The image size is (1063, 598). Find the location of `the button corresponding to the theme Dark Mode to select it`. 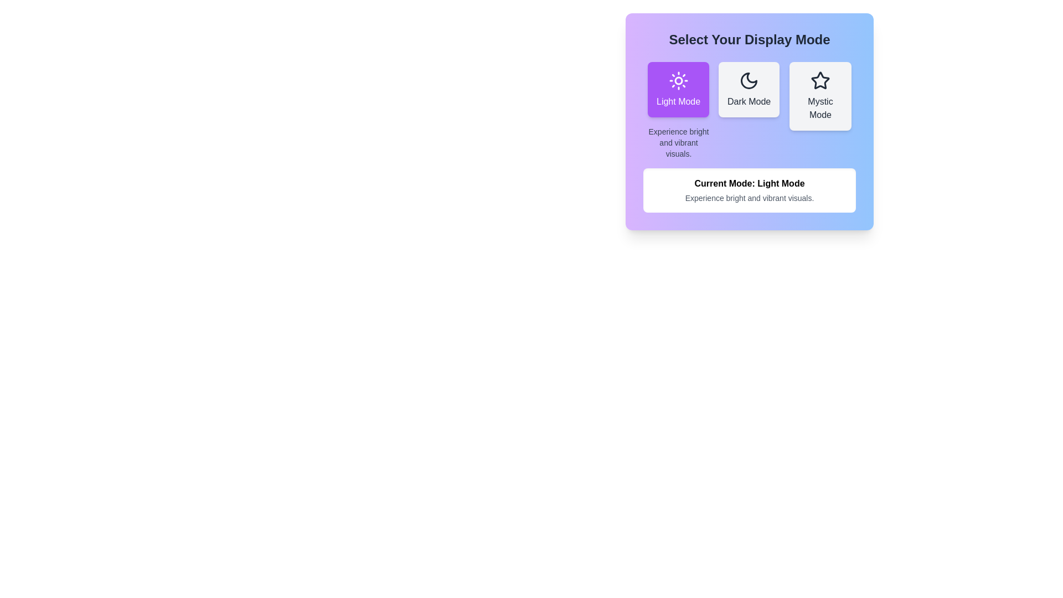

the button corresponding to the theme Dark Mode to select it is located at coordinates (749, 89).